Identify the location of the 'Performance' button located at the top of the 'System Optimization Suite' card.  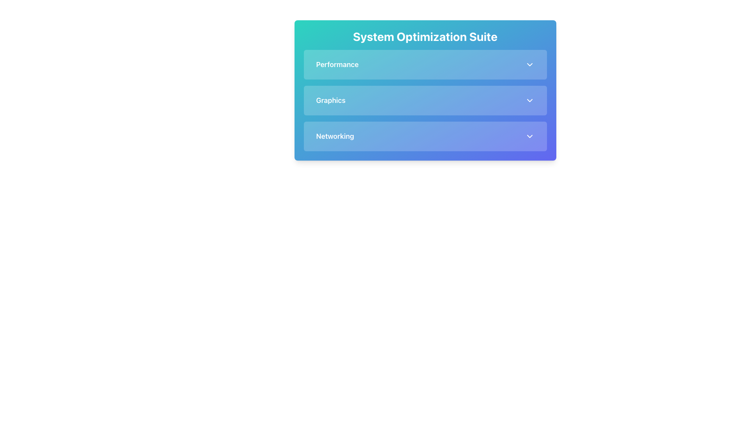
(425, 64).